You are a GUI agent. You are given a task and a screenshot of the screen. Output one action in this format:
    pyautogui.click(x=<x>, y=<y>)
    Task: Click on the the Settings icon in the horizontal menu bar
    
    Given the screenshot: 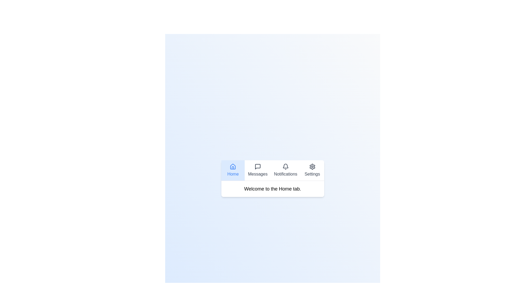 What is the action you would take?
    pyautogui.click(x=312, y=166)
    